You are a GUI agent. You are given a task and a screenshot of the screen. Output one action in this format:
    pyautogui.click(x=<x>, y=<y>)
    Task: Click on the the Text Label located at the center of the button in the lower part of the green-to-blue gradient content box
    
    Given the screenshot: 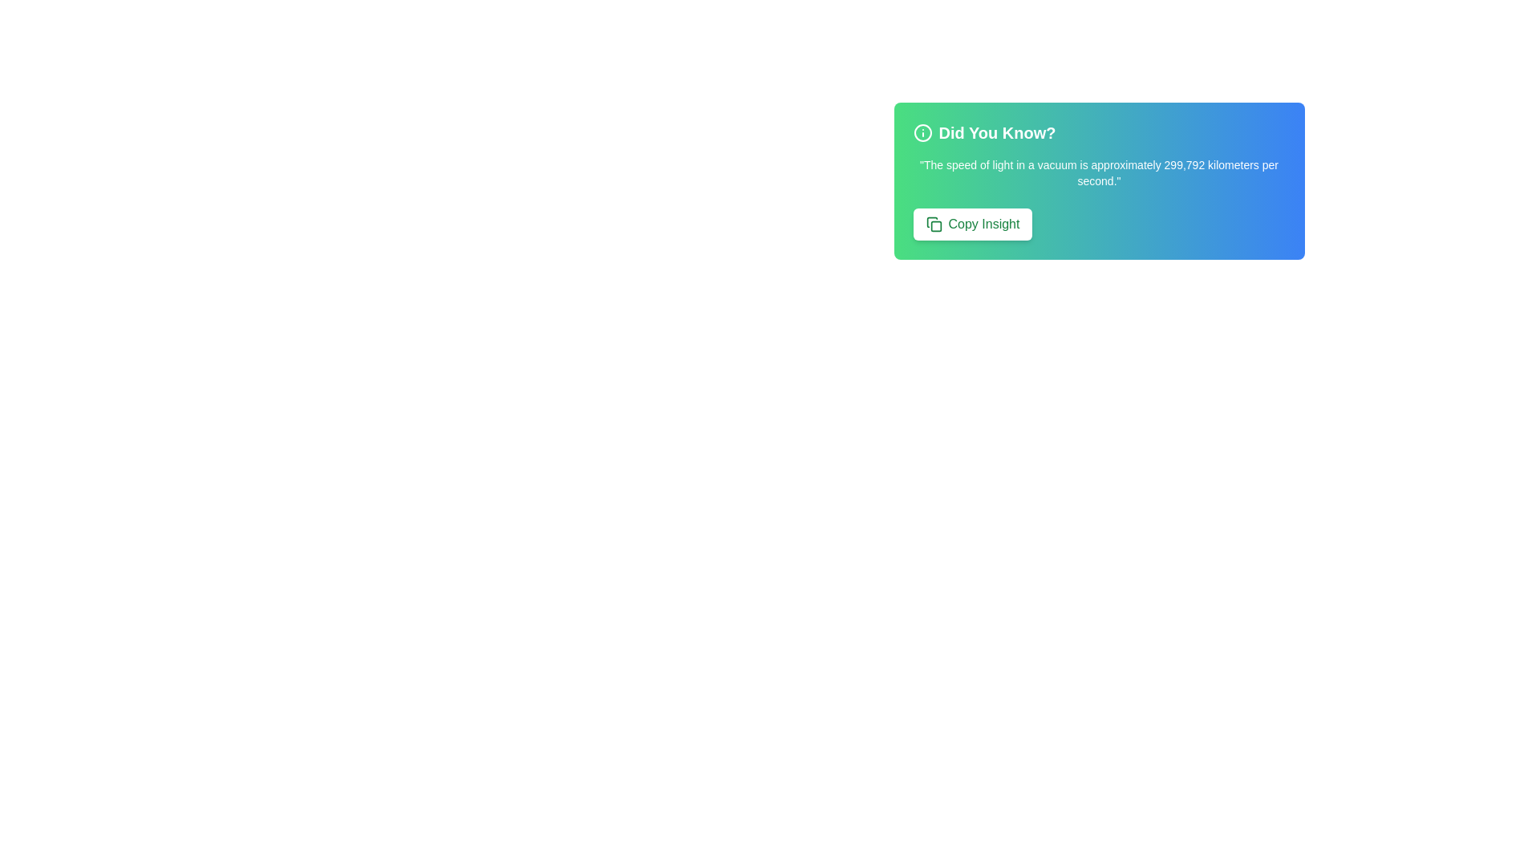 What is the action you would take?
    pyautogui.click(x=983, y=225)
    